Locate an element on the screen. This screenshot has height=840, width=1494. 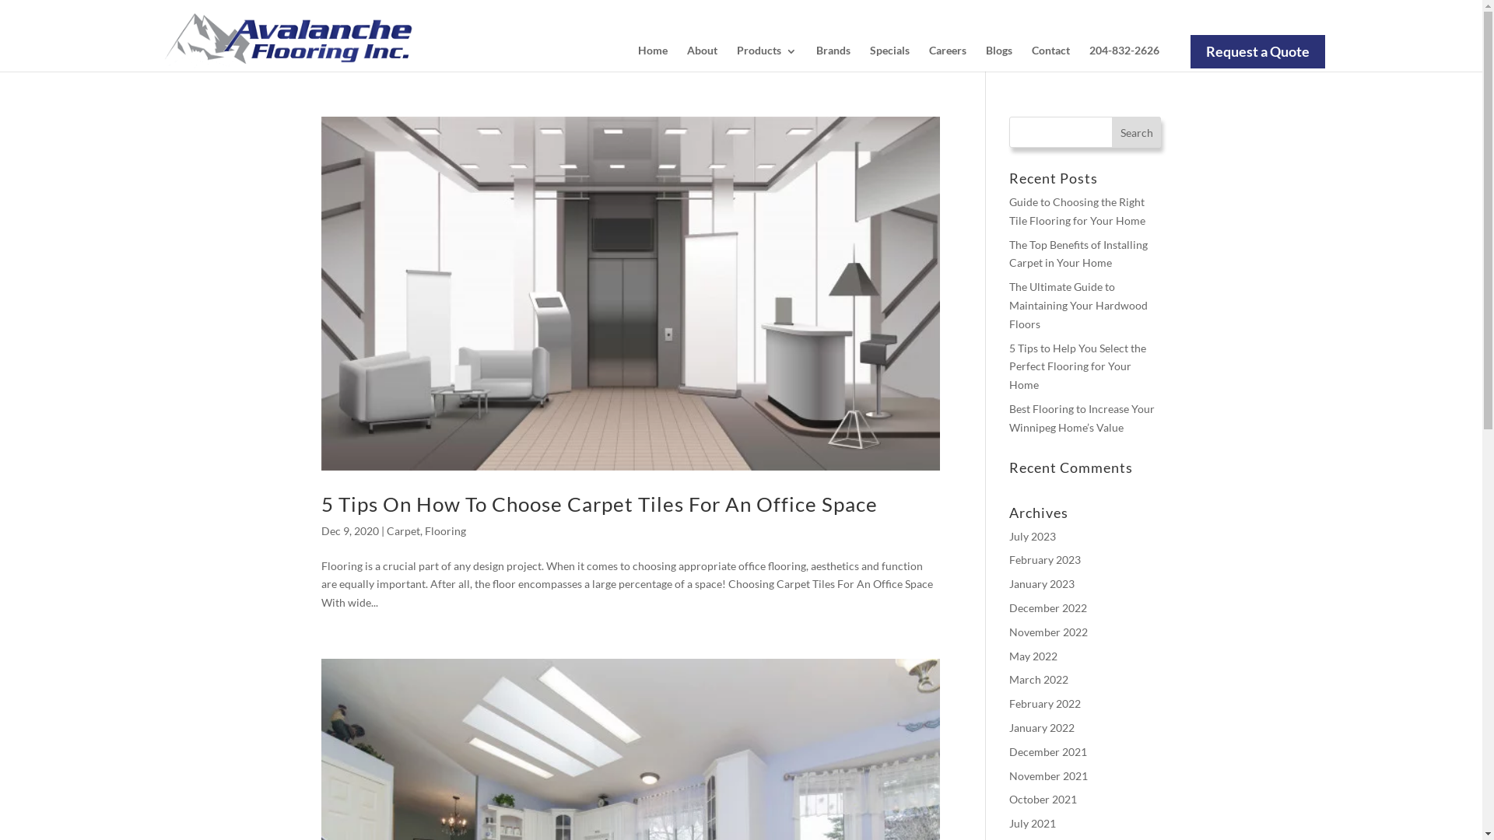
'About' is located at coordinates (700, 52).